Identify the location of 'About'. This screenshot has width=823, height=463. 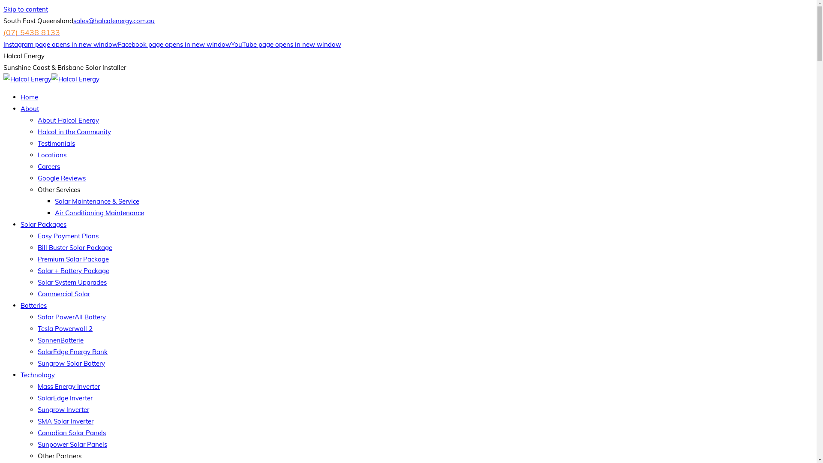
(30, 108).